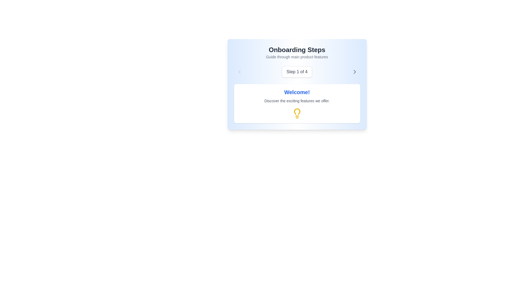 The width and height of the screenshot is (522, 293). Describe the element at coordinates (297, 72) in the screenshot. I see `the centrally located Text label that displays the current step in a process, providing context to users about their progress` at that location.